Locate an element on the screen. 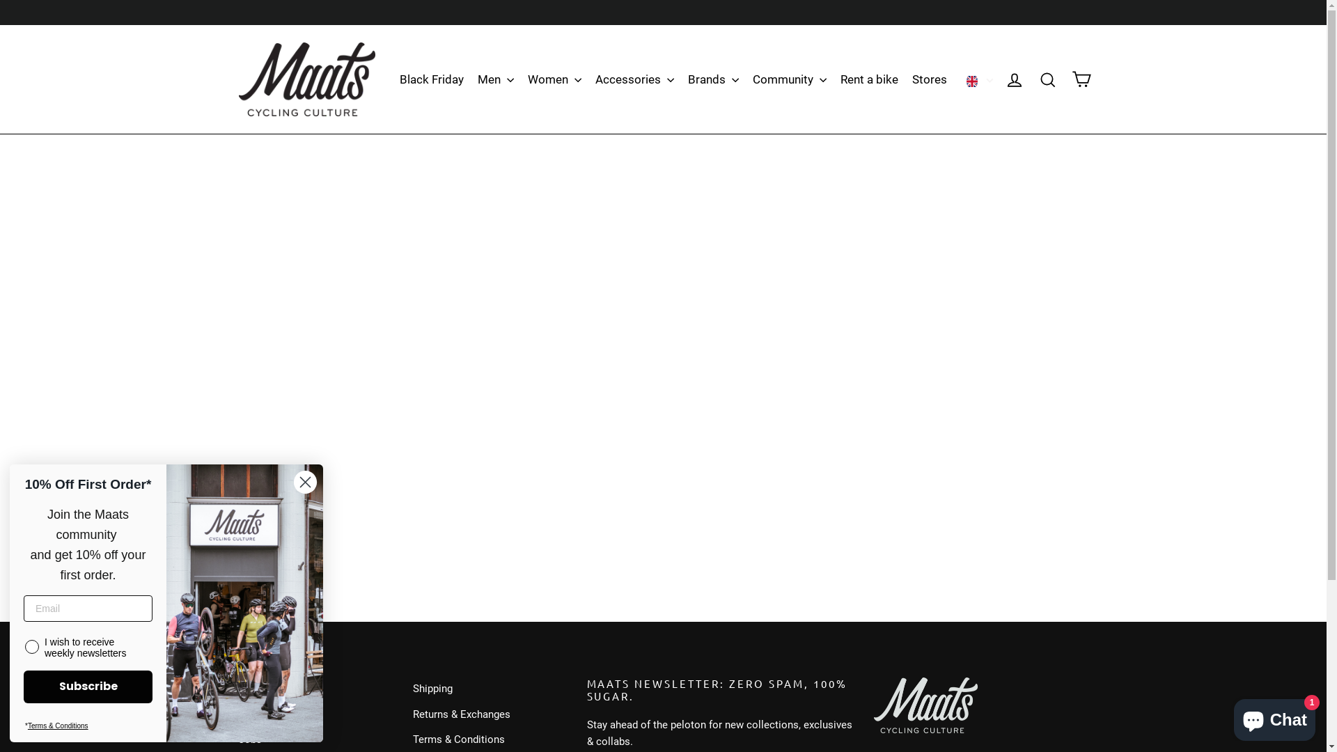 The image size is (1337, 752). 'Black Friday' is located at coordinates (393, 79).